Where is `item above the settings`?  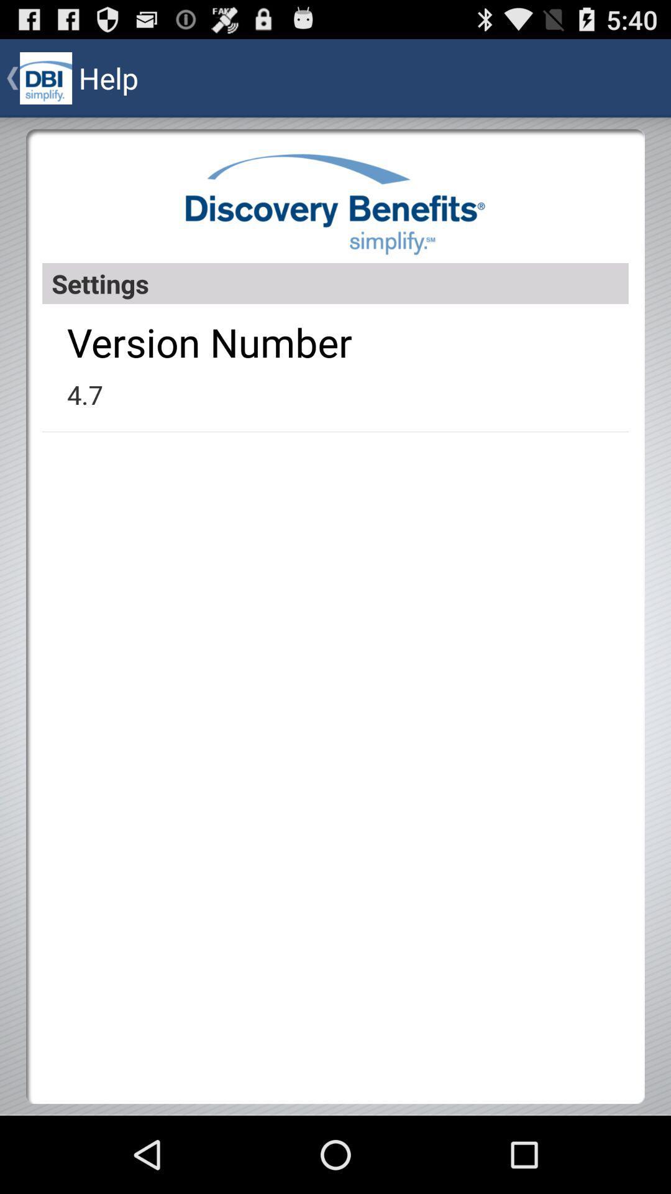
item above the settings is located at coordinates (335, 204).